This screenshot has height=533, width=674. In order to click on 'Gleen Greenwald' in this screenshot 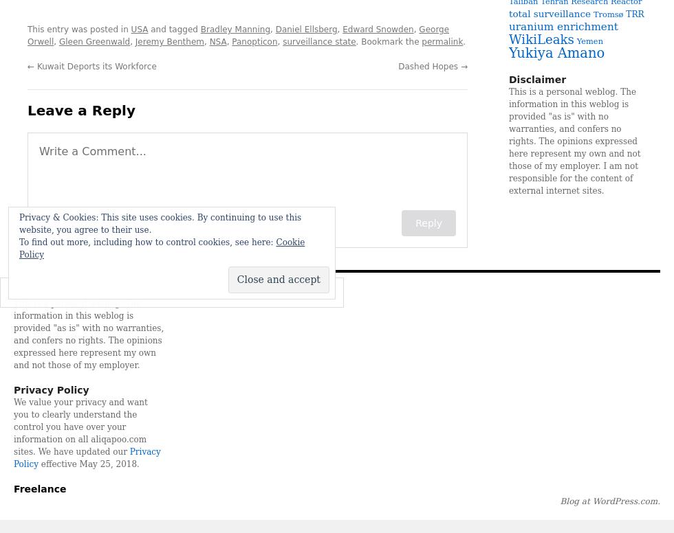, I will do `click(94, 41)`.